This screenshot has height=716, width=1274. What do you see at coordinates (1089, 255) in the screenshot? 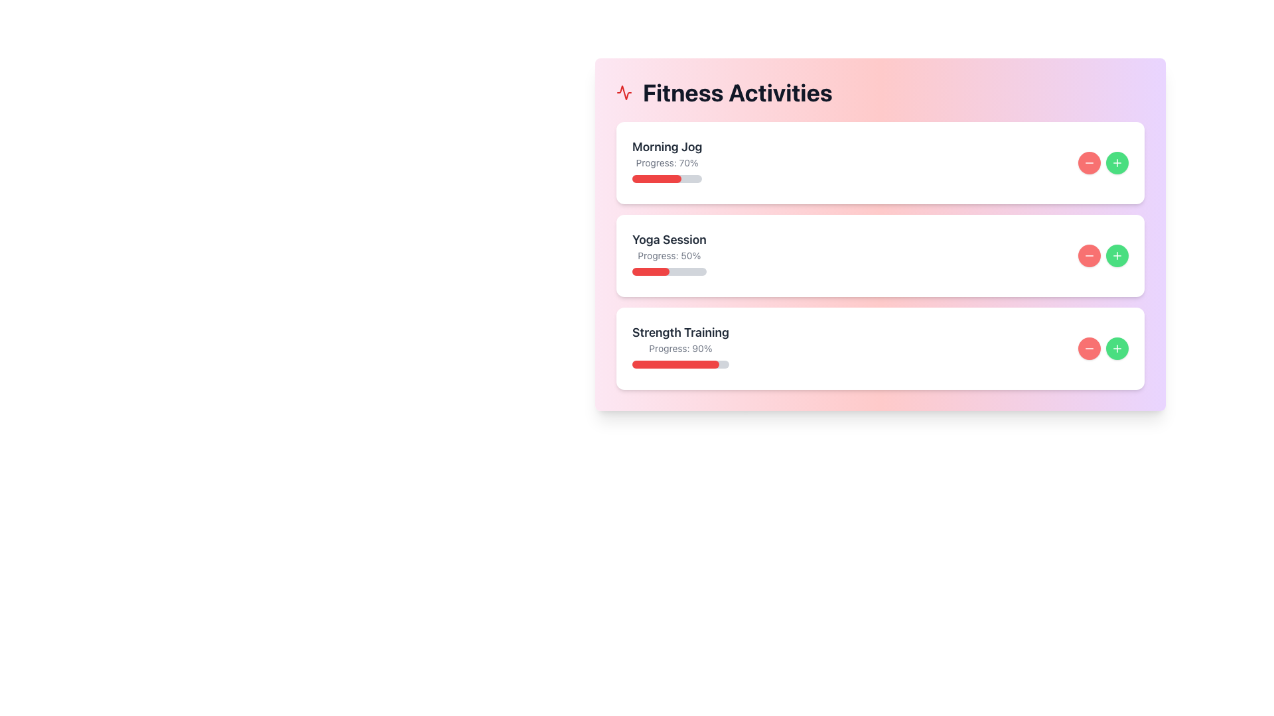
I see `the first decrement button located on the right of the last activity in the visible list` at bounding box center [1089, 255].